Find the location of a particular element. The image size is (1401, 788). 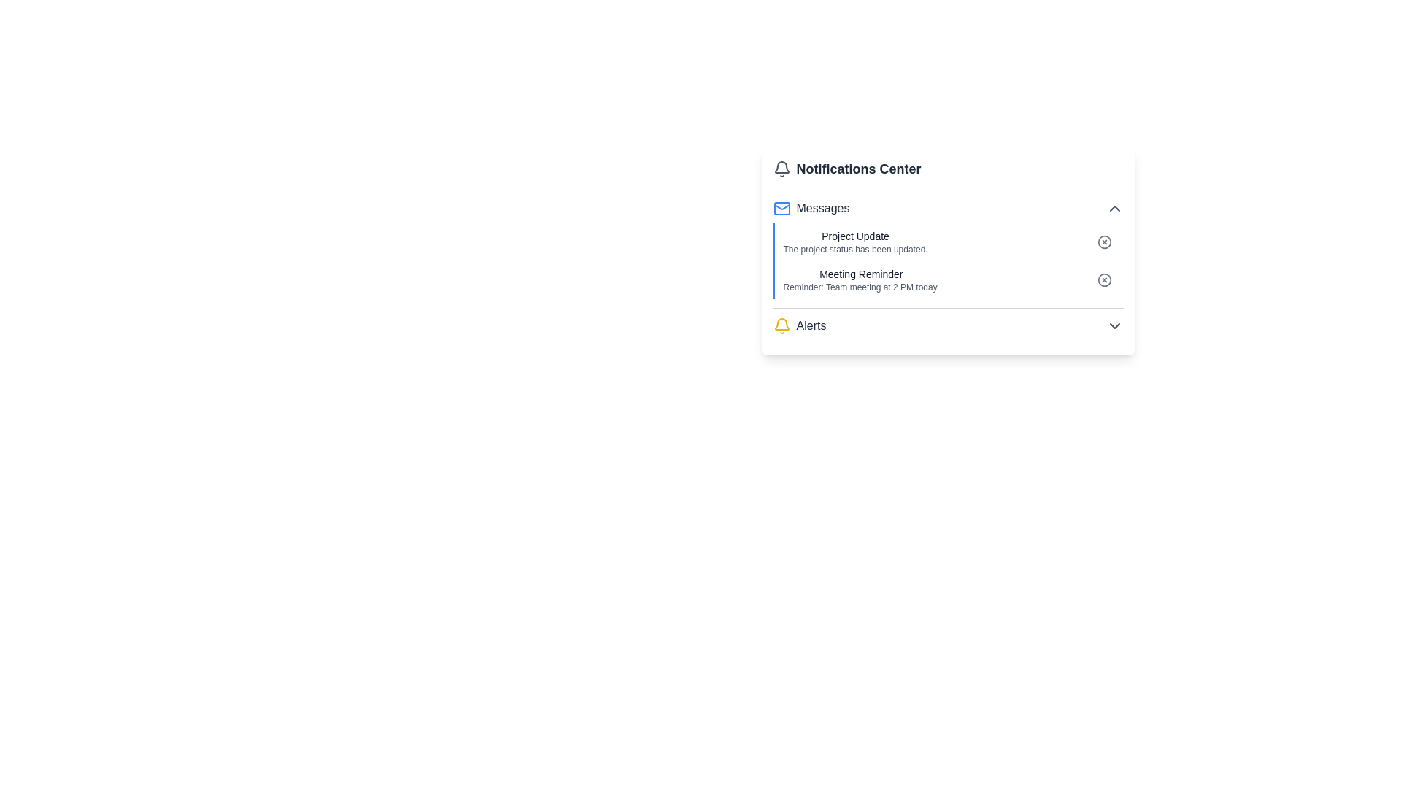

the gray bell icon that indicates notifications, located to the left of the 'Notifications Center' title in the header section is located at coordinates (781, 168).